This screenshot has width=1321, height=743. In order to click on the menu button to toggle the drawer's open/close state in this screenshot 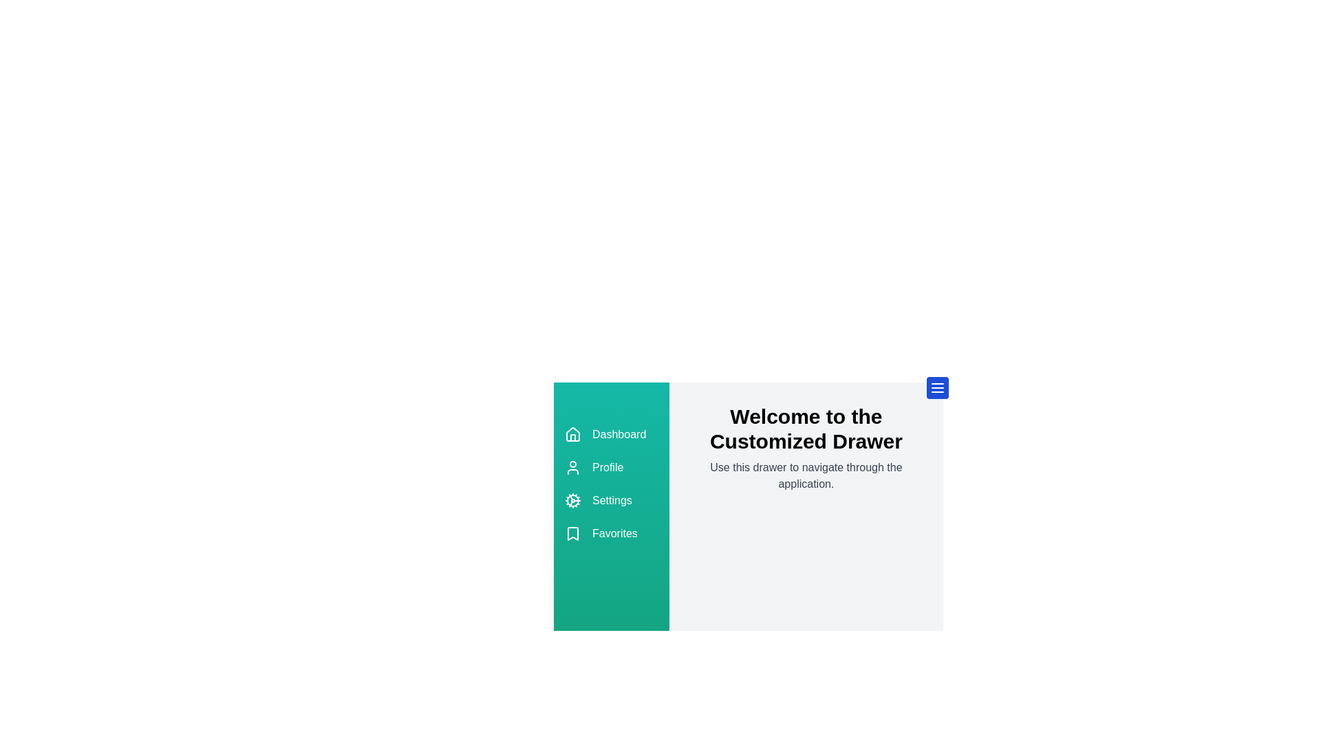, I will do `click(937, 387)`.